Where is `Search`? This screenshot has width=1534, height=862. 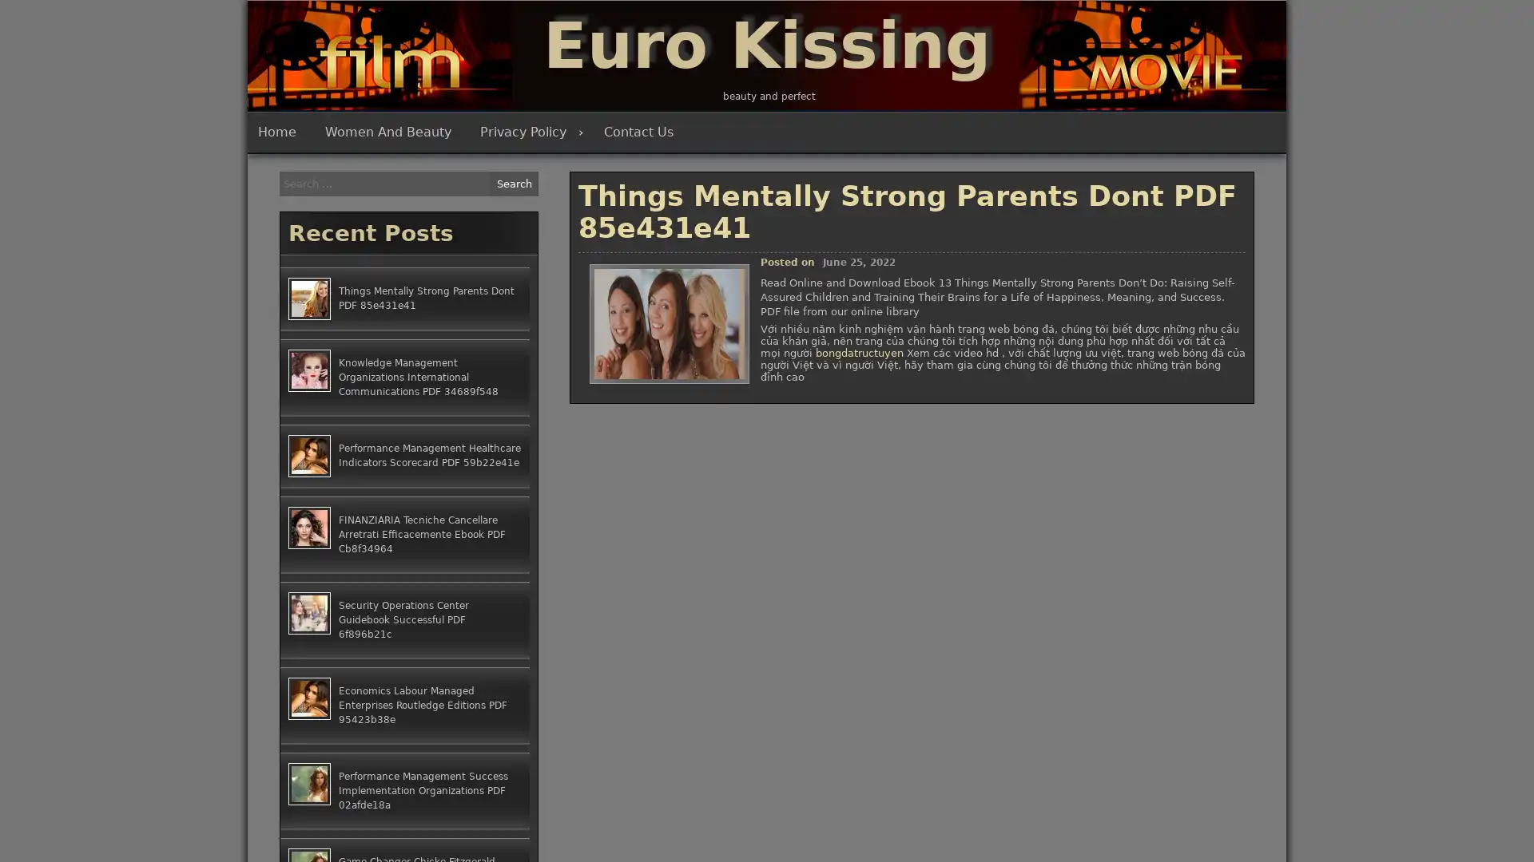
Search is located at coordinates (514, 183).